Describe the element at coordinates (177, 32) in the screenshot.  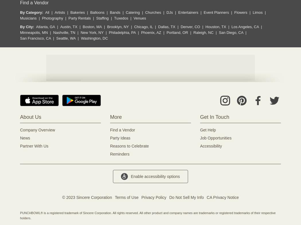
I see `'Portland, OR'` at that location.